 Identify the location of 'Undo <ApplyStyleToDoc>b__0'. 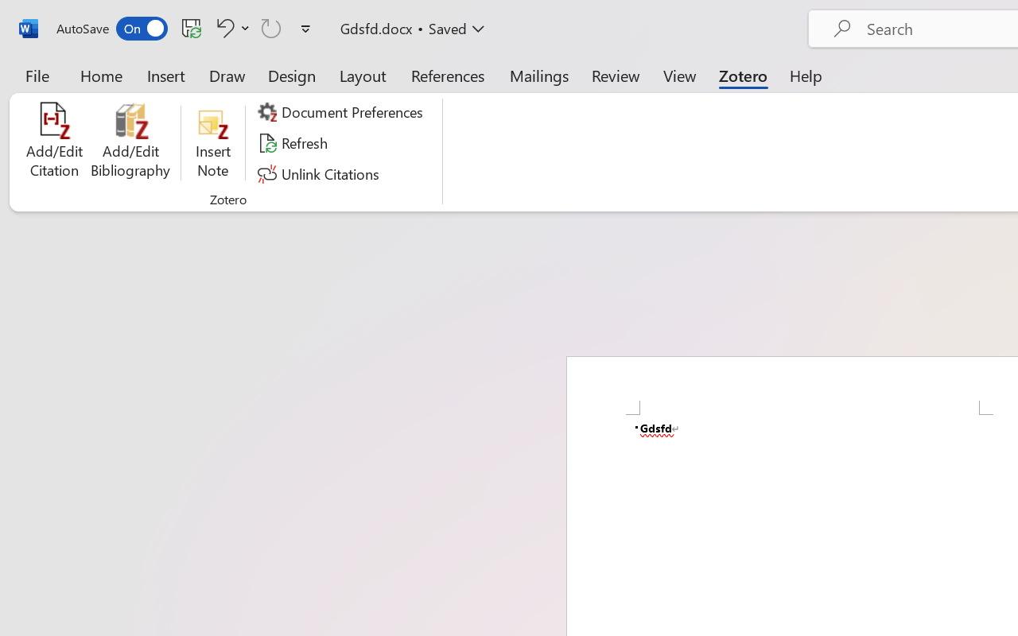
(230, 27).